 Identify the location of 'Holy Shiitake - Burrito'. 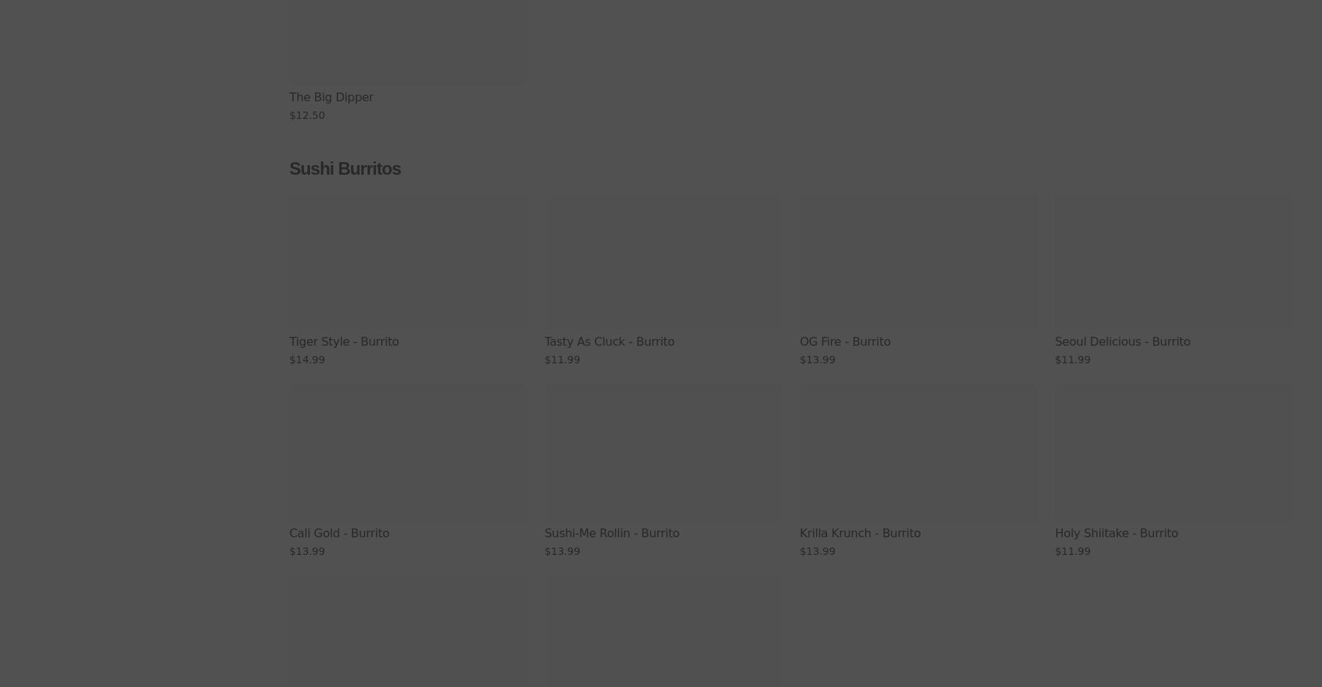
(1116, 532).